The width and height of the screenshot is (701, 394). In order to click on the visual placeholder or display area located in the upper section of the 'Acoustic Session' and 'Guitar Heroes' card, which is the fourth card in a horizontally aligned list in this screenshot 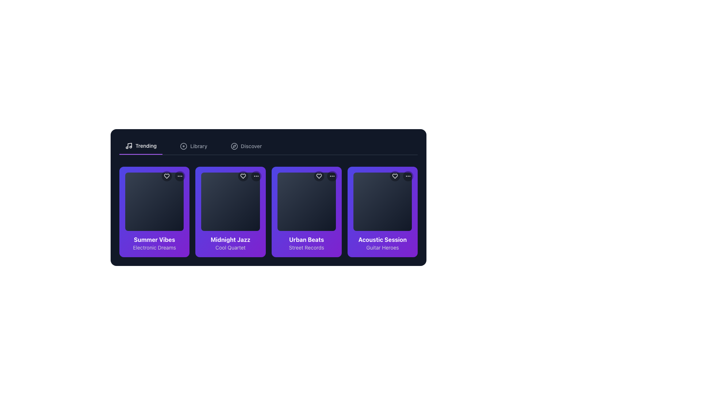, I will do `click(382, 202)`.